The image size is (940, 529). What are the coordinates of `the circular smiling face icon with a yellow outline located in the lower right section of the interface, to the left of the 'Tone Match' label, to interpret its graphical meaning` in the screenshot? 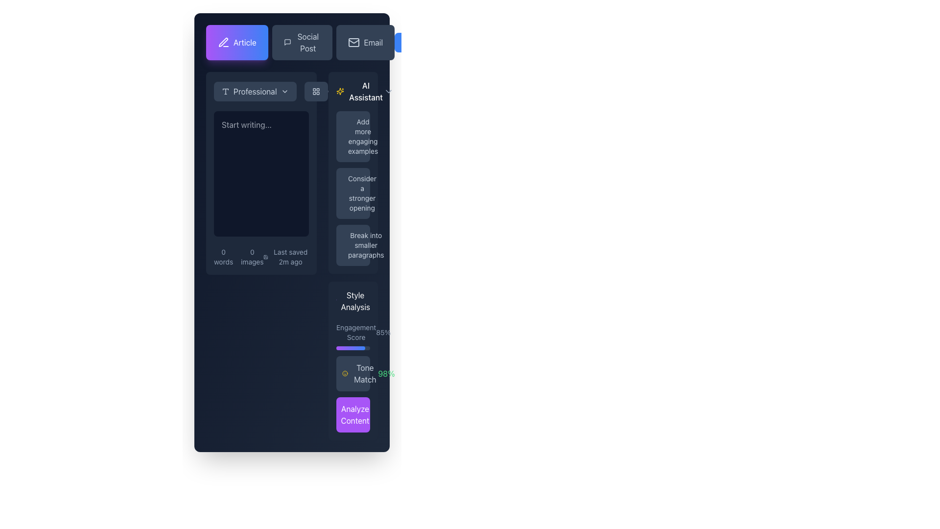 It's located at (345, 374).